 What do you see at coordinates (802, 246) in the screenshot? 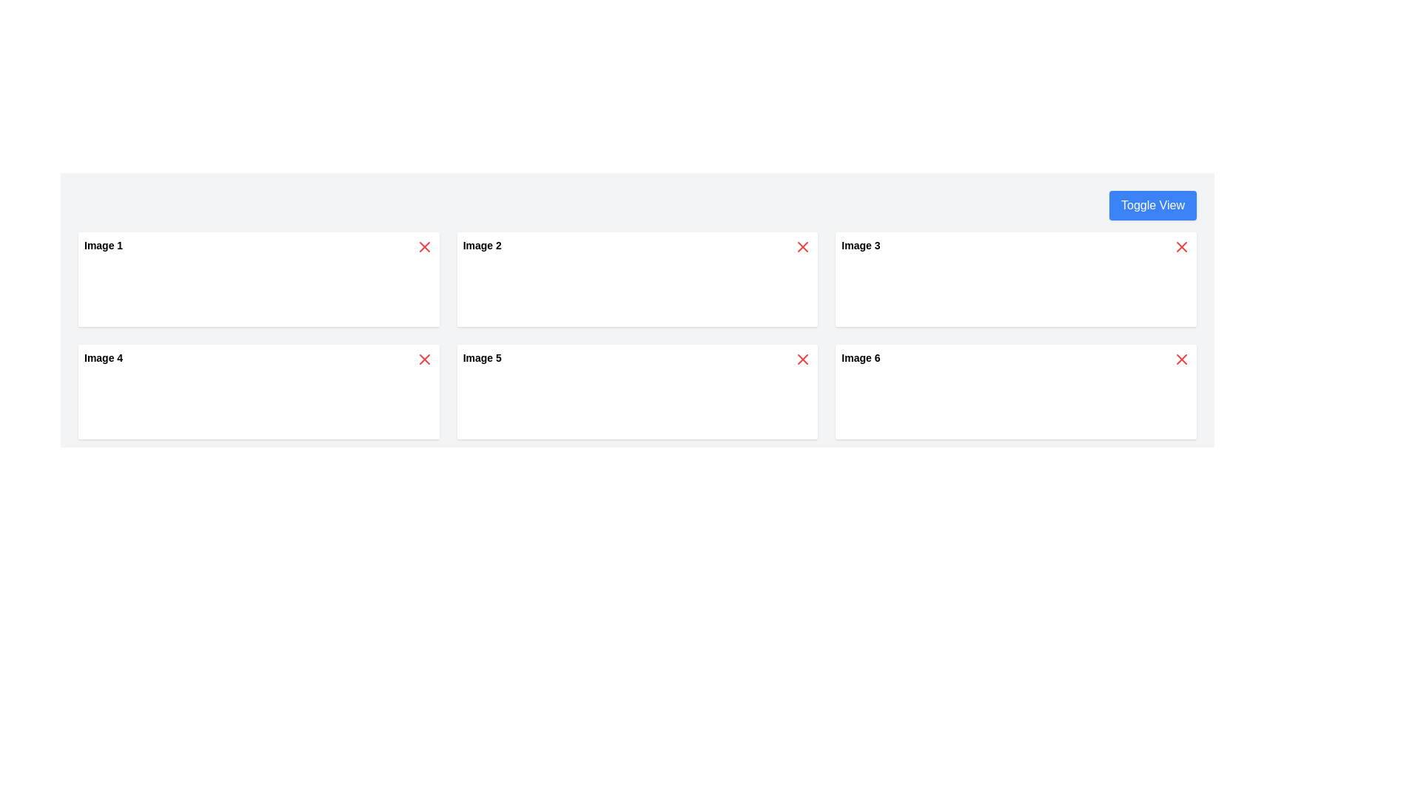
I see `the close button located in the upper-right corner of the 'Image 2' box to observe the color change effect` at bounding box center [802, 246].